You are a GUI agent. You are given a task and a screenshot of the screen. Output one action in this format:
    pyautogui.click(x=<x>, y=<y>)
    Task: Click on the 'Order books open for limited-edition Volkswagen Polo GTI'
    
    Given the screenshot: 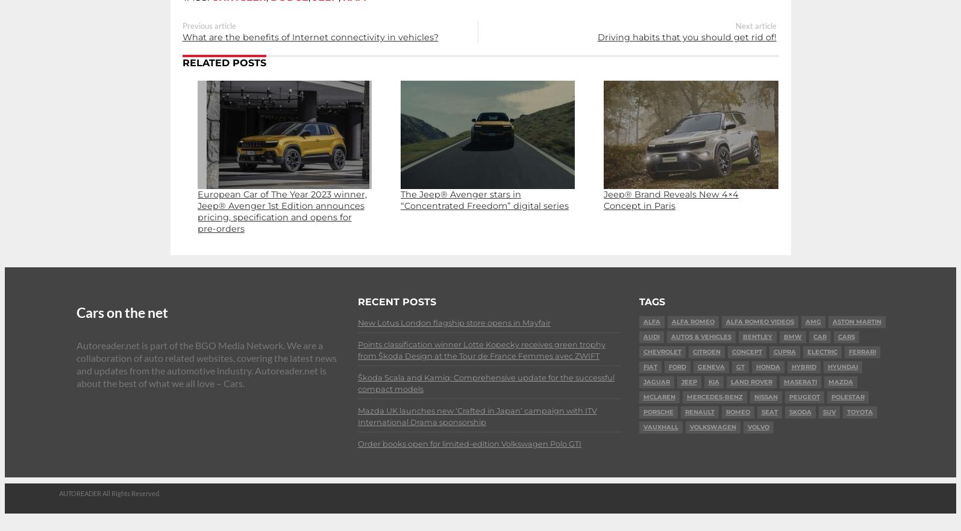 What is the action you would take?
    pyautogui.click(x=469, y=443)
    